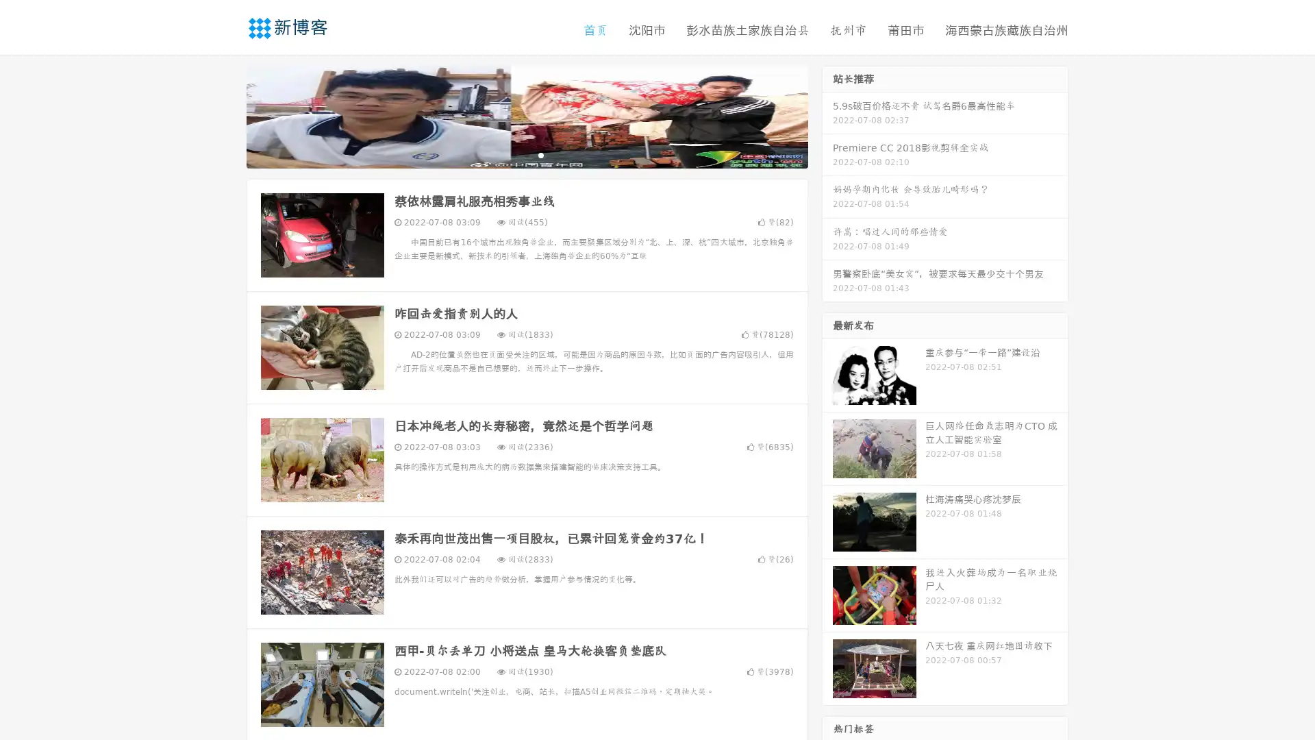 The height and width of the screenshot is (740, 1315). Describe the element at coordinates (827, 115) in the screenshot. I see `Next slide` at that location.